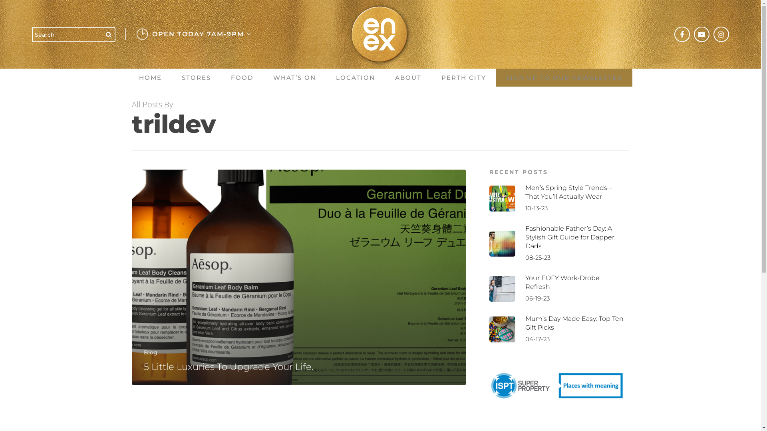  I want to click on 'LOCATION', so click(326, 77).